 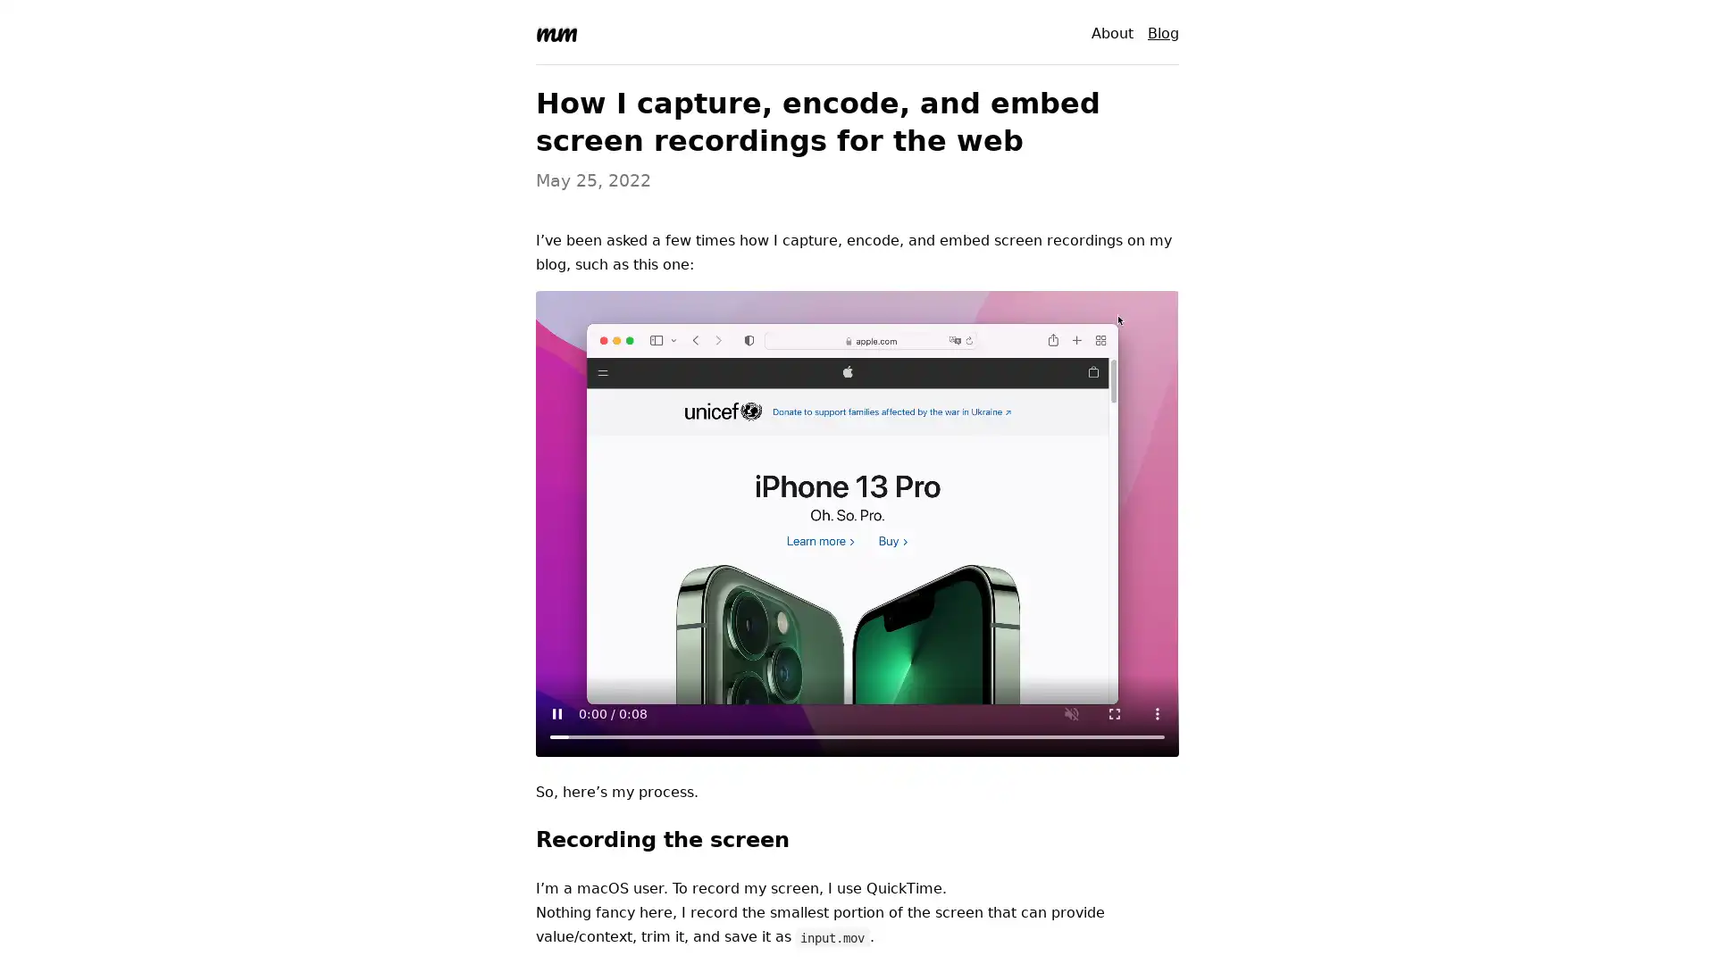 I want to click on enter full screen, so click(x=1114, y=712).